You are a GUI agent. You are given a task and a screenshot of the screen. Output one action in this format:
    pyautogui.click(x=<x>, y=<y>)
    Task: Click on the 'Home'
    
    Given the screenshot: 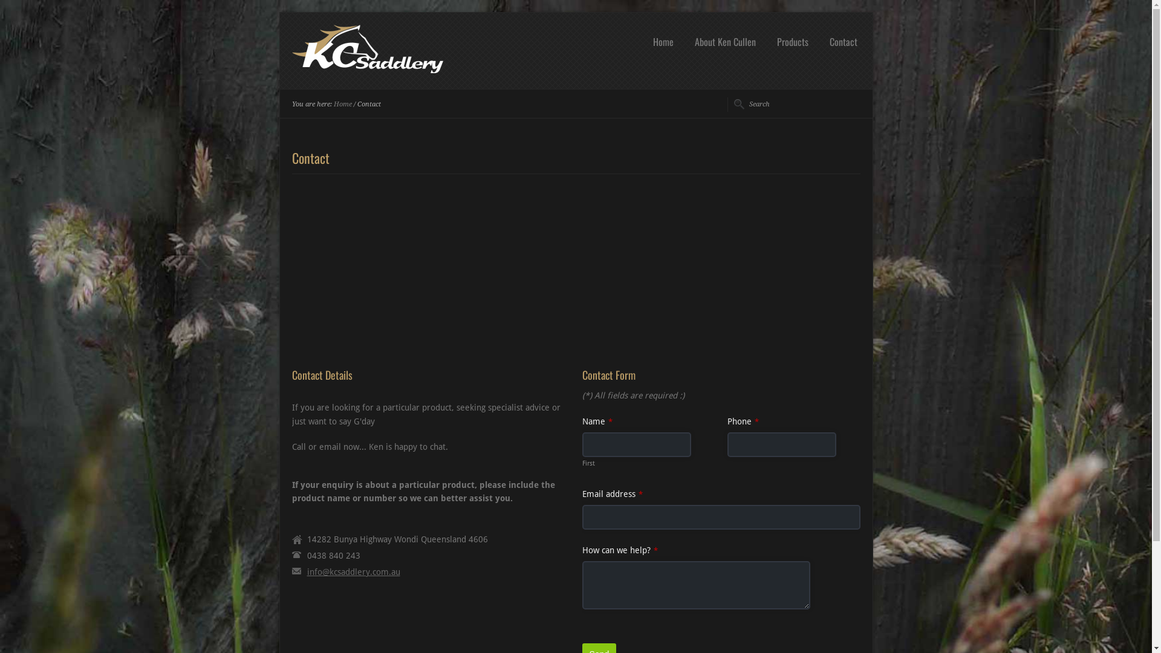 What is the action you would take?
    pyautogui.click(x=342, y=103)
    